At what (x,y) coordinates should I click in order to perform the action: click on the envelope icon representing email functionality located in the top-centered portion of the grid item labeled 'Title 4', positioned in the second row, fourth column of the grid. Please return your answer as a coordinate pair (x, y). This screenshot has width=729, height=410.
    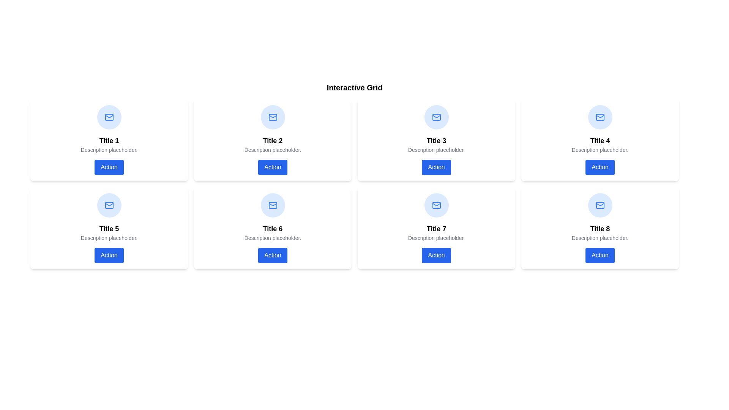
    Looking at the image, I should click on (600, 117).